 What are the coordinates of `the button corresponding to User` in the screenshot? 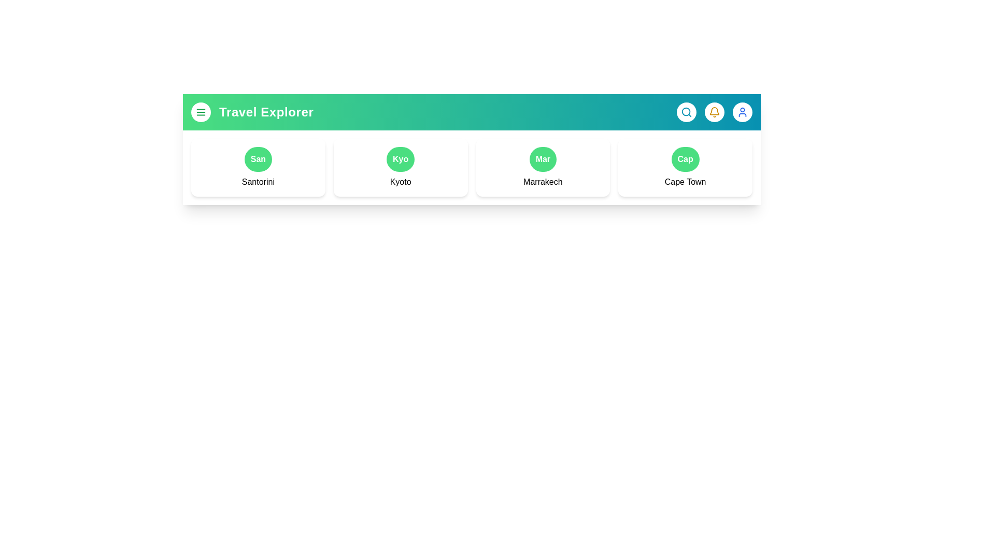 It's located at (742, 112).